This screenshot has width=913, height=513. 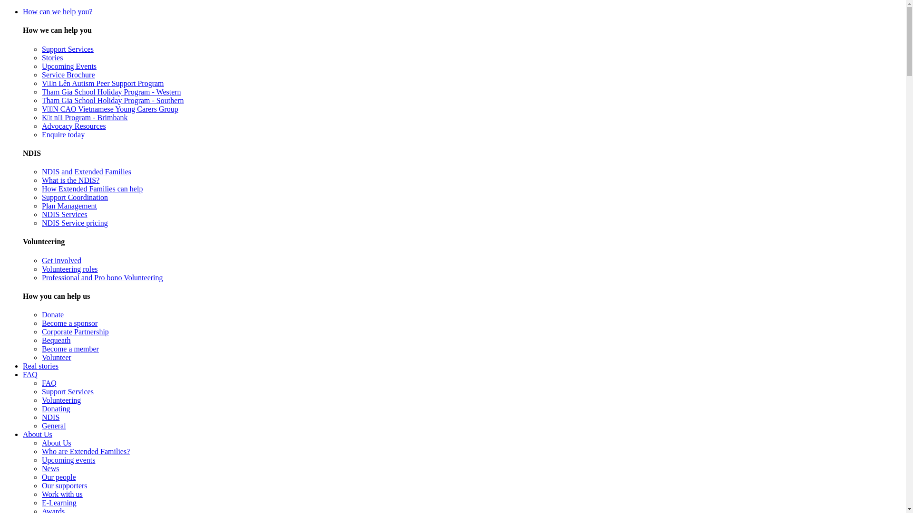 What do you see at coordinates (52, 57) in the screenshot?
I see `'Stories'` at bounding box center [52, 57].